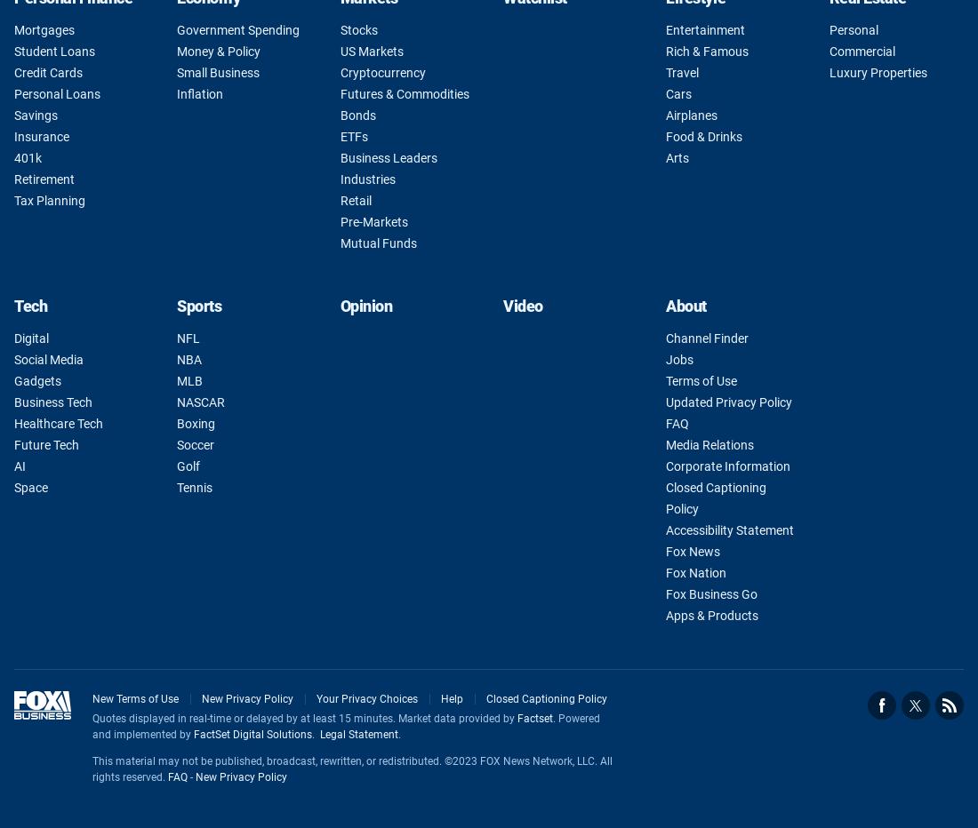  Describe the element at coordinates (366, 179) in the screenshot. I see `'Industries'` at that location.